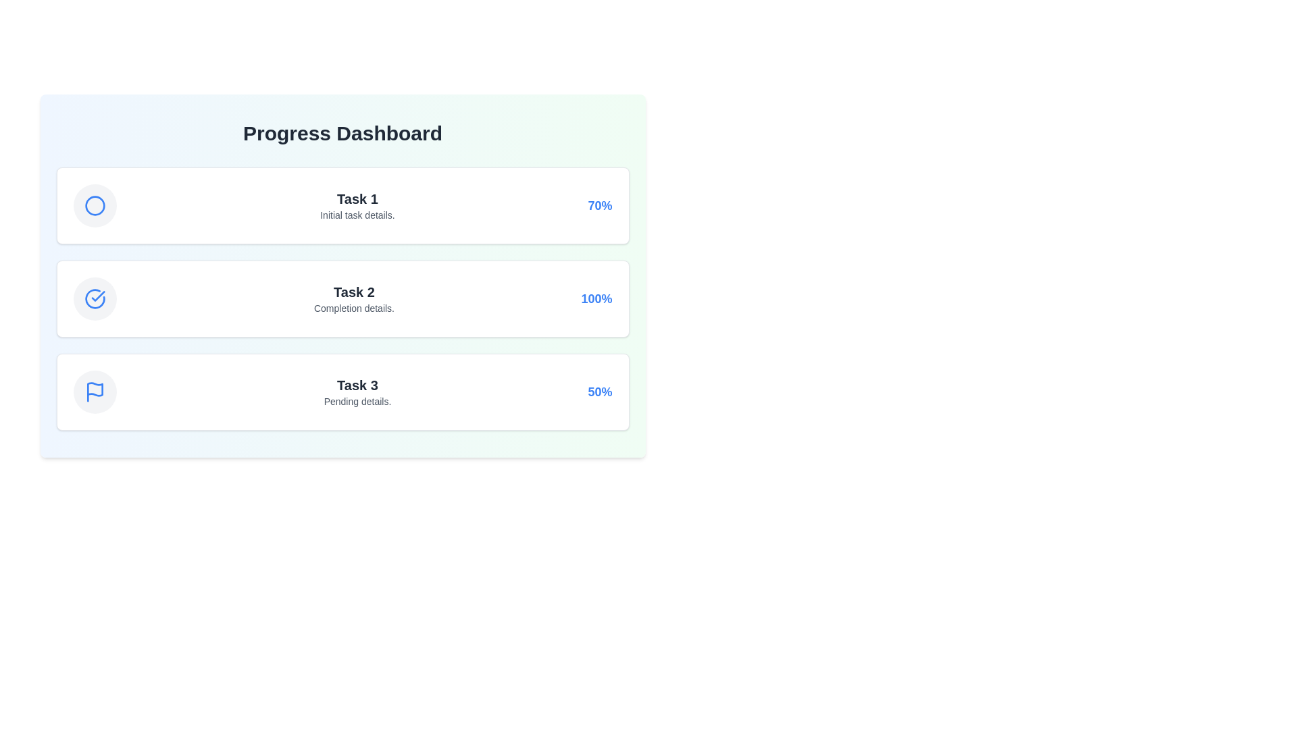  What do you see at coordinates (599, 392) in the screenshot?
I see `the static text displaying '50%' in bold, blue font style, located at the right end of the third row in the list of task items, distinctively separated from 'Task 3' and 'Pending details.'` at bounding box center [599, 392].